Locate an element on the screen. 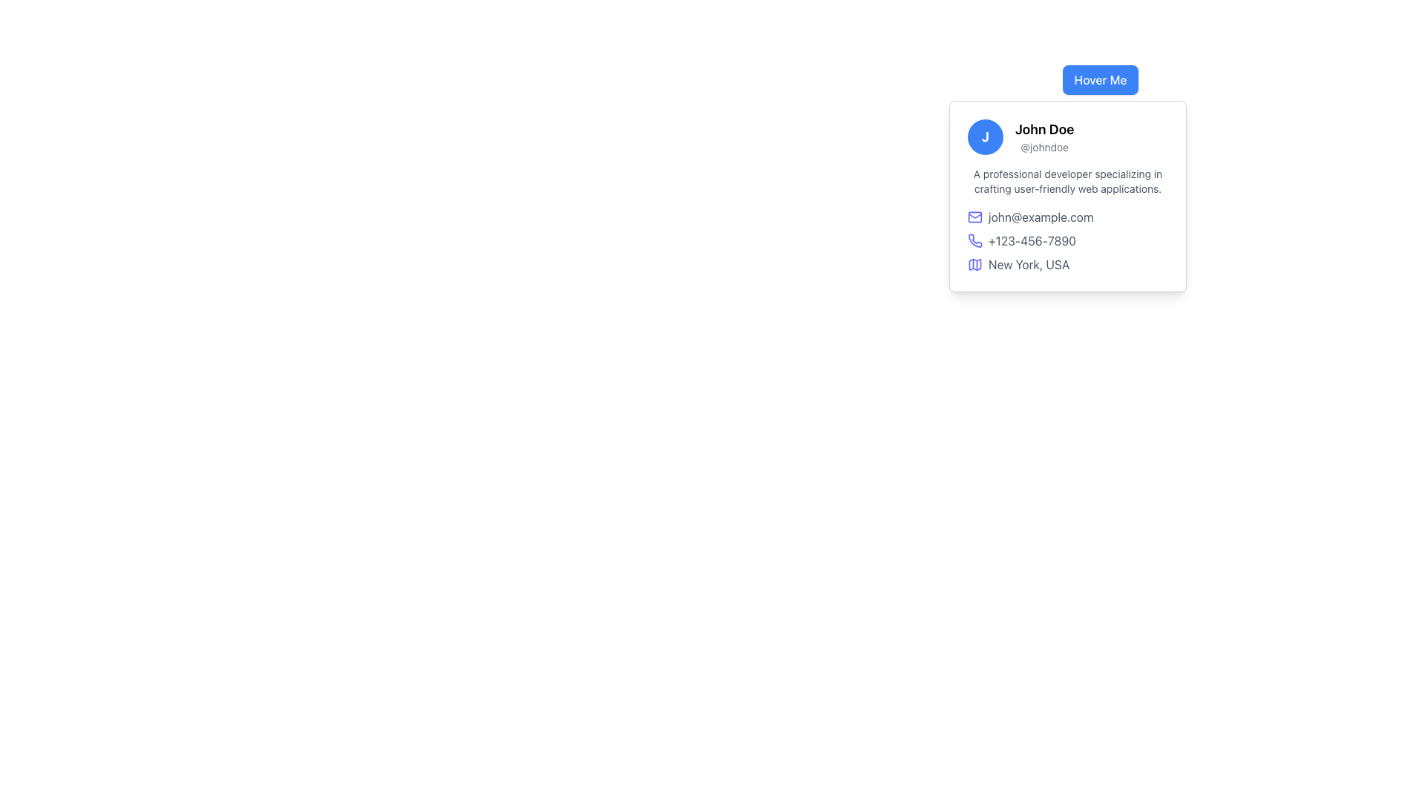 The height and width of the screenshot is (801, 1425). descriptive text stating 'A professional developer specializing in crafting user-friendly web applications.' located beneath the user's name and handle in the profile card is located at coordinates (1067, 181).